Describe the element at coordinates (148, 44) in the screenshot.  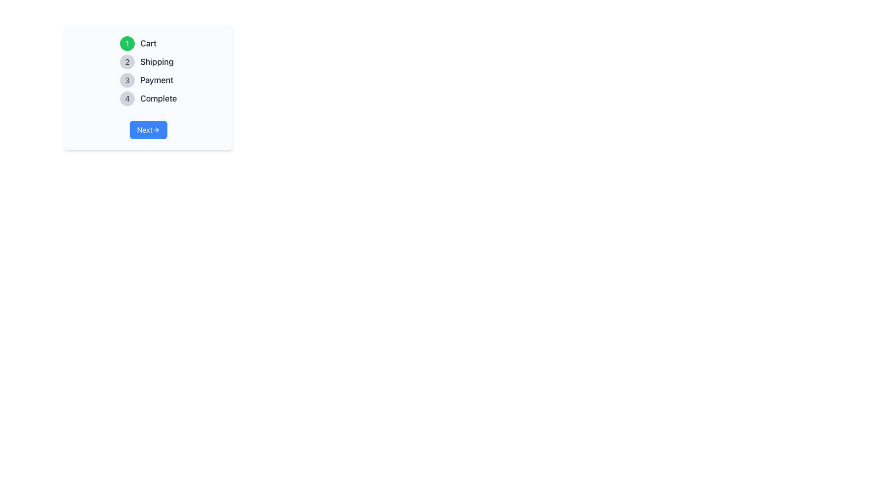
I see `the 'Cart' Text Label, which is positioned to the right of the green circular icon labeled '1', indicating the first step in the checkout process` at that location.